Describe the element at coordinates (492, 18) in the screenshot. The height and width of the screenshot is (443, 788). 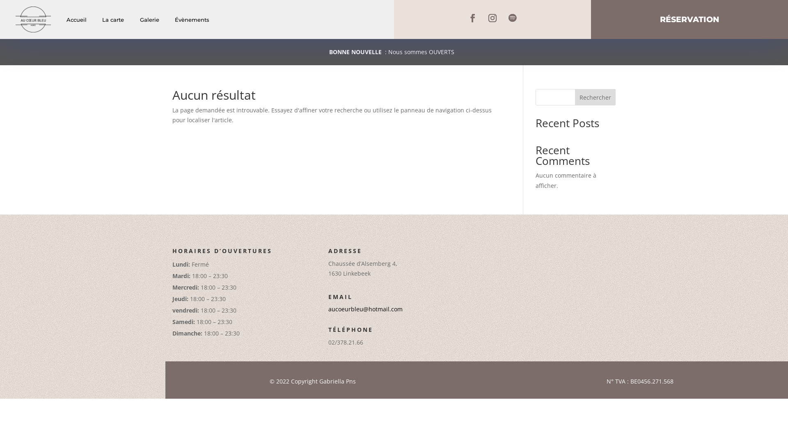
I see `'Suivez sur Instagram'` at that location.